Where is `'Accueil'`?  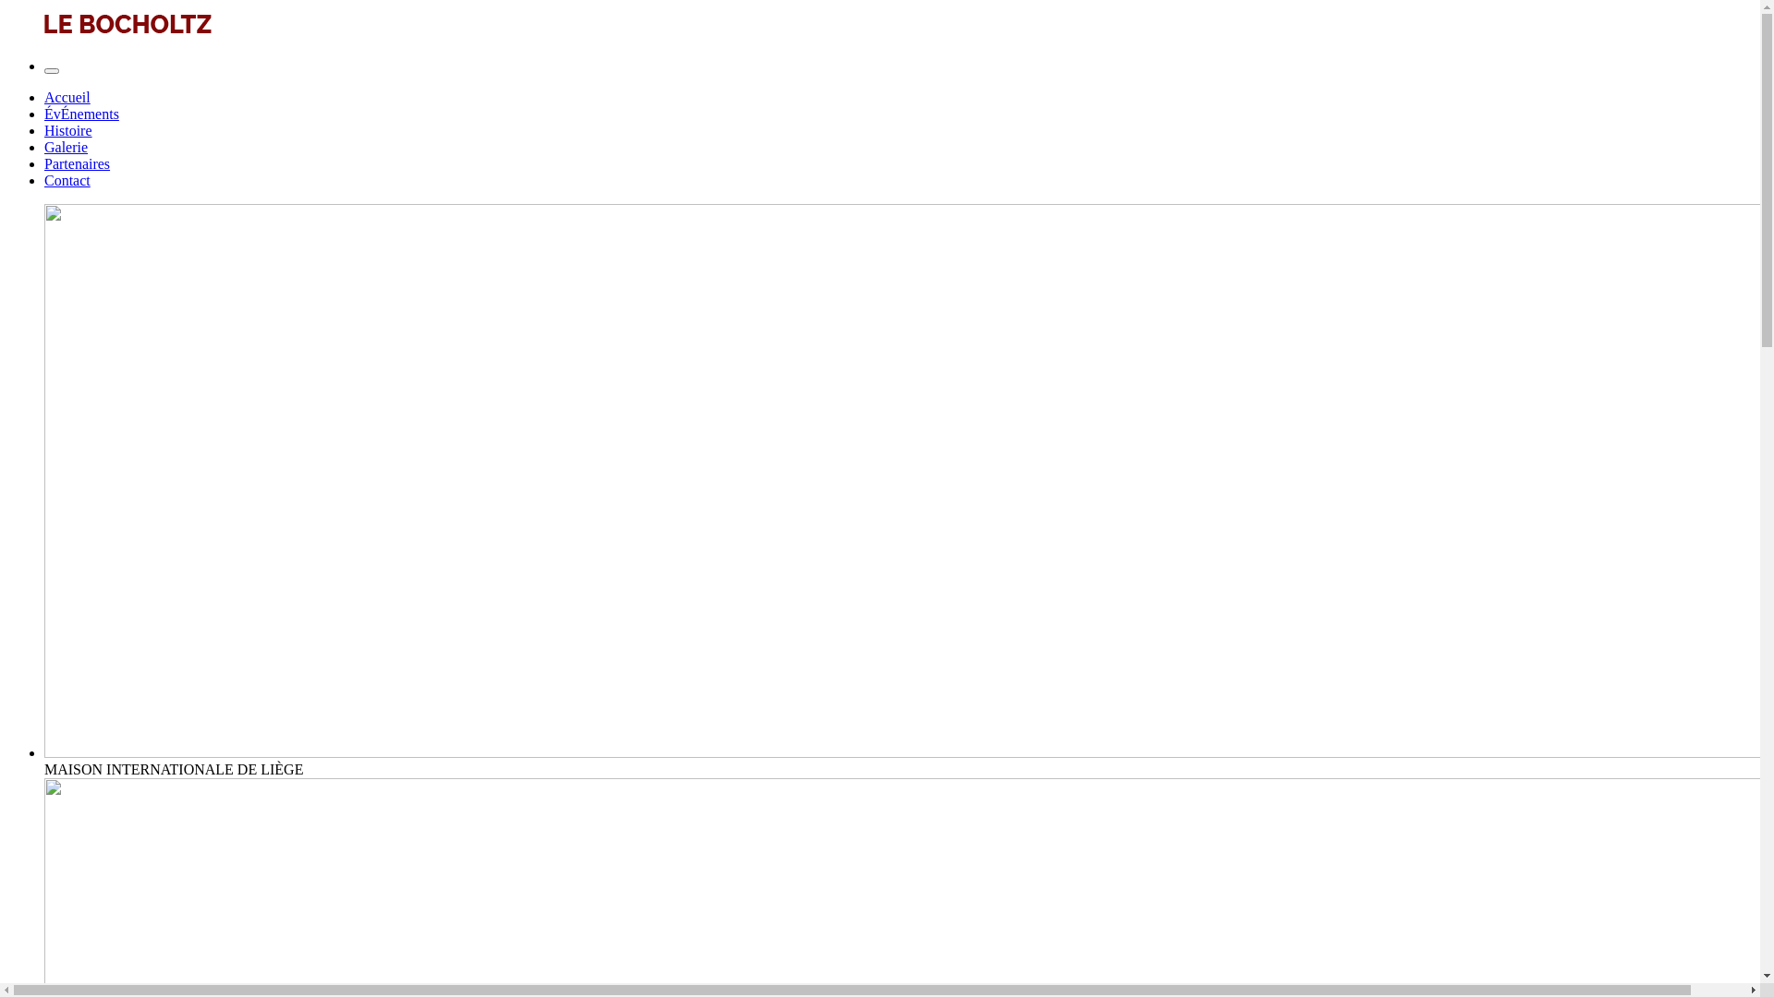 'Accueil' is located at coordinates (44, 97).